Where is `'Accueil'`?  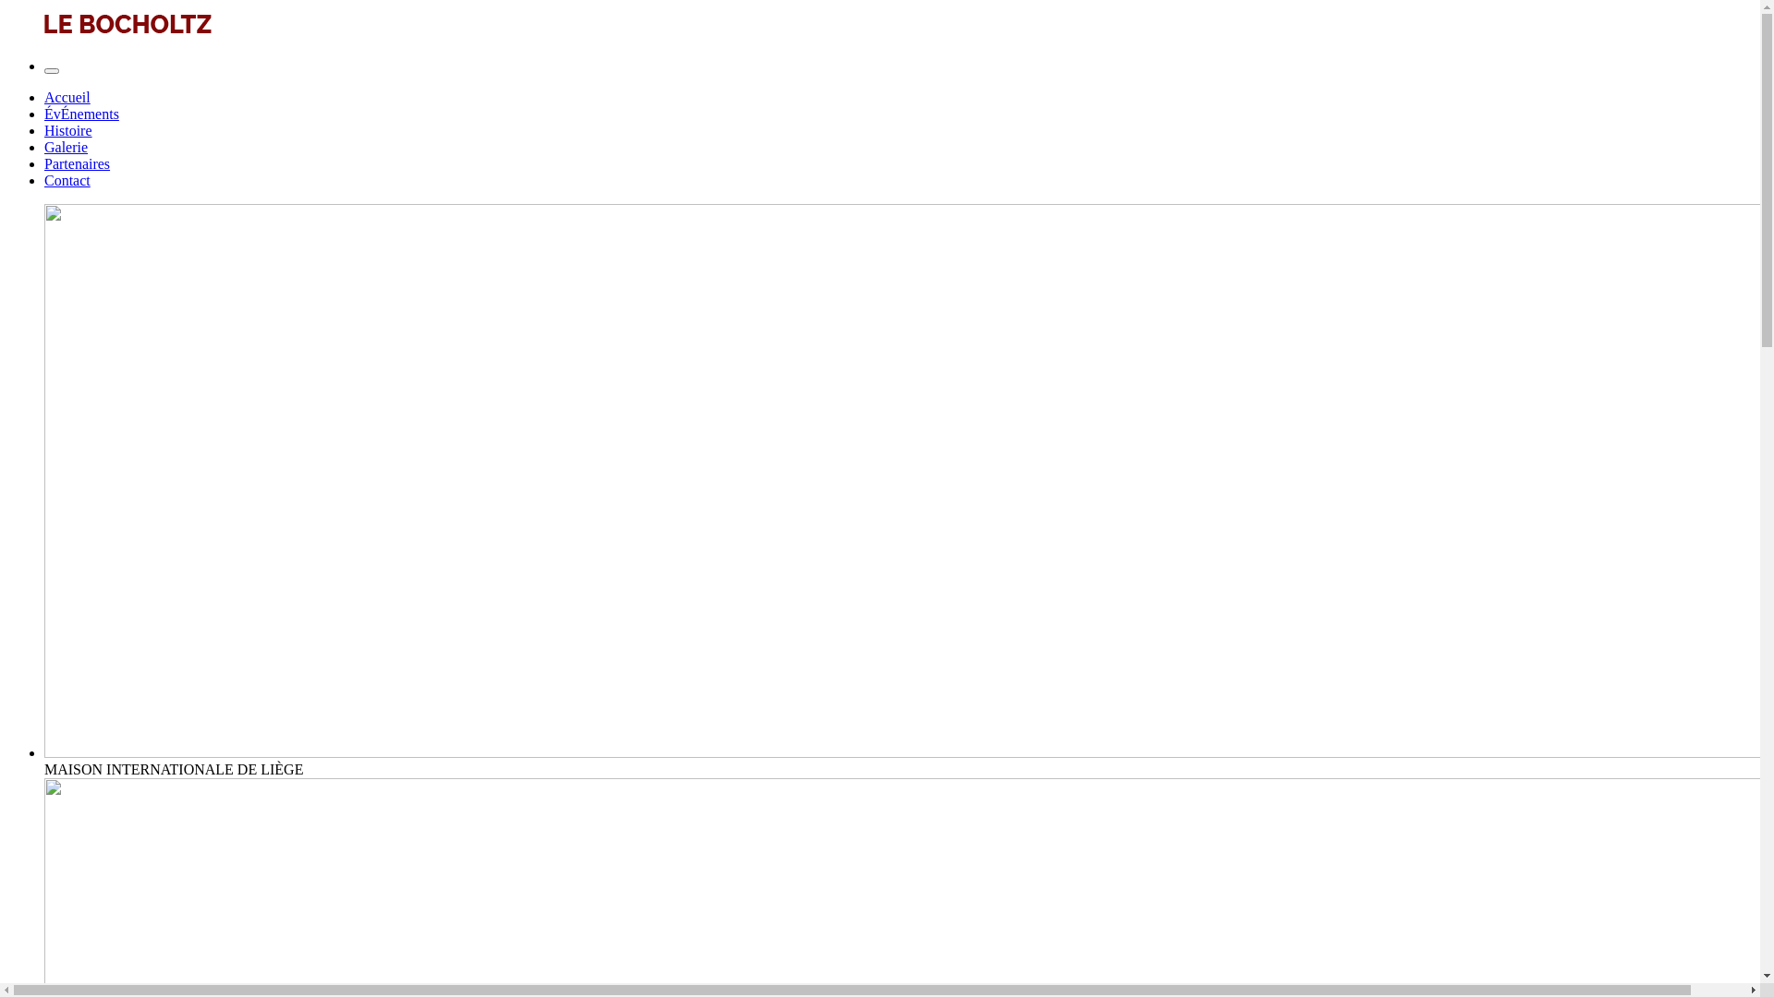 'Accueil' is located at coordinates (44, 97).